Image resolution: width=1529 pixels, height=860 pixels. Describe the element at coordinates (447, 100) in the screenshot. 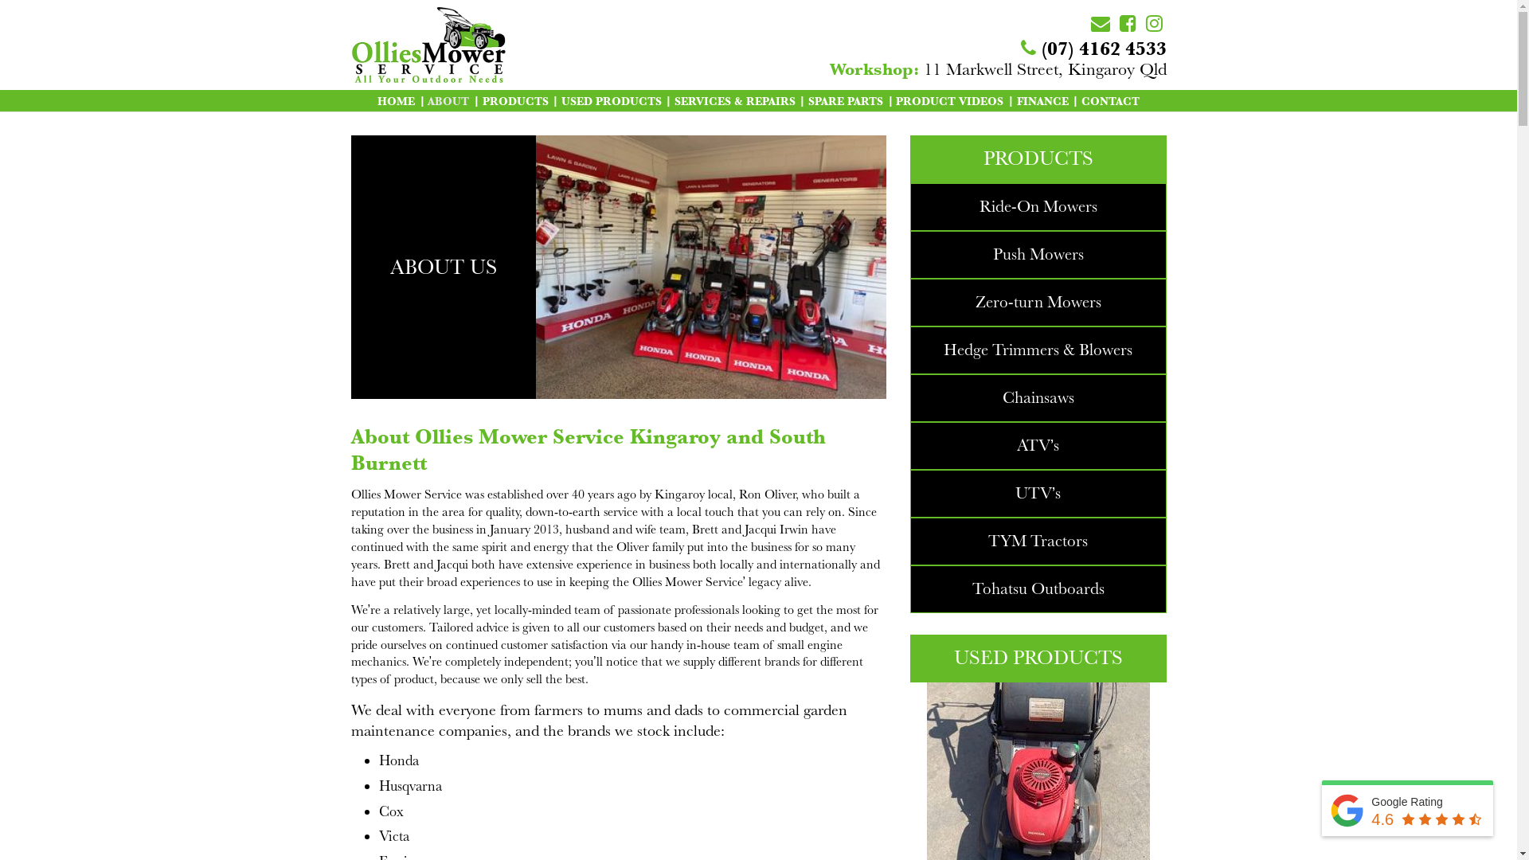

I see `'ABOUT'` at that location.